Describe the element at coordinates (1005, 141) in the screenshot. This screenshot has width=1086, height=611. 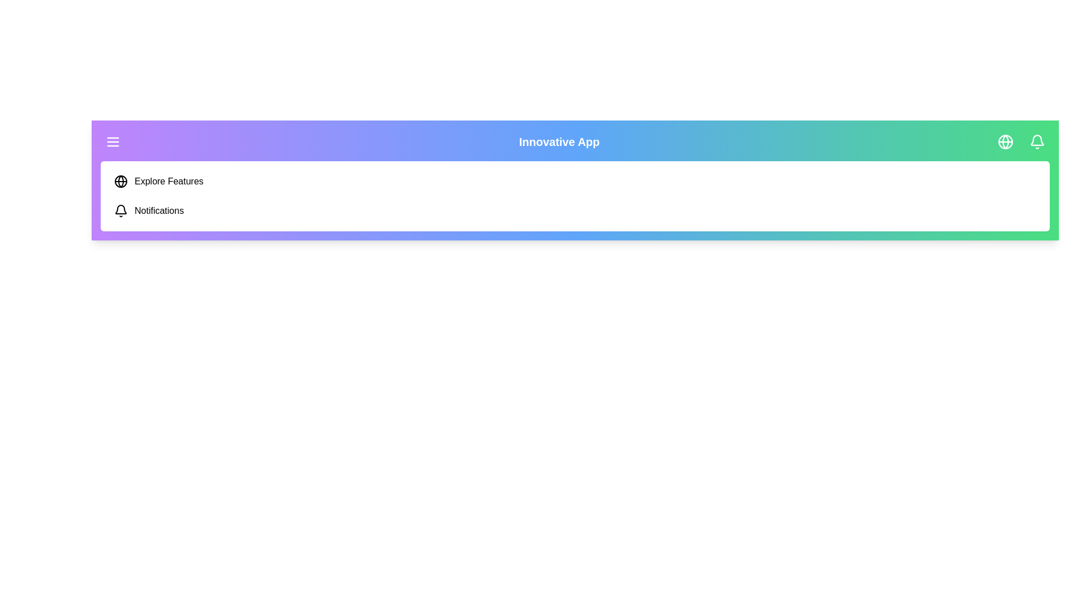
I see `the specified menu item: globe_icon` at that location.